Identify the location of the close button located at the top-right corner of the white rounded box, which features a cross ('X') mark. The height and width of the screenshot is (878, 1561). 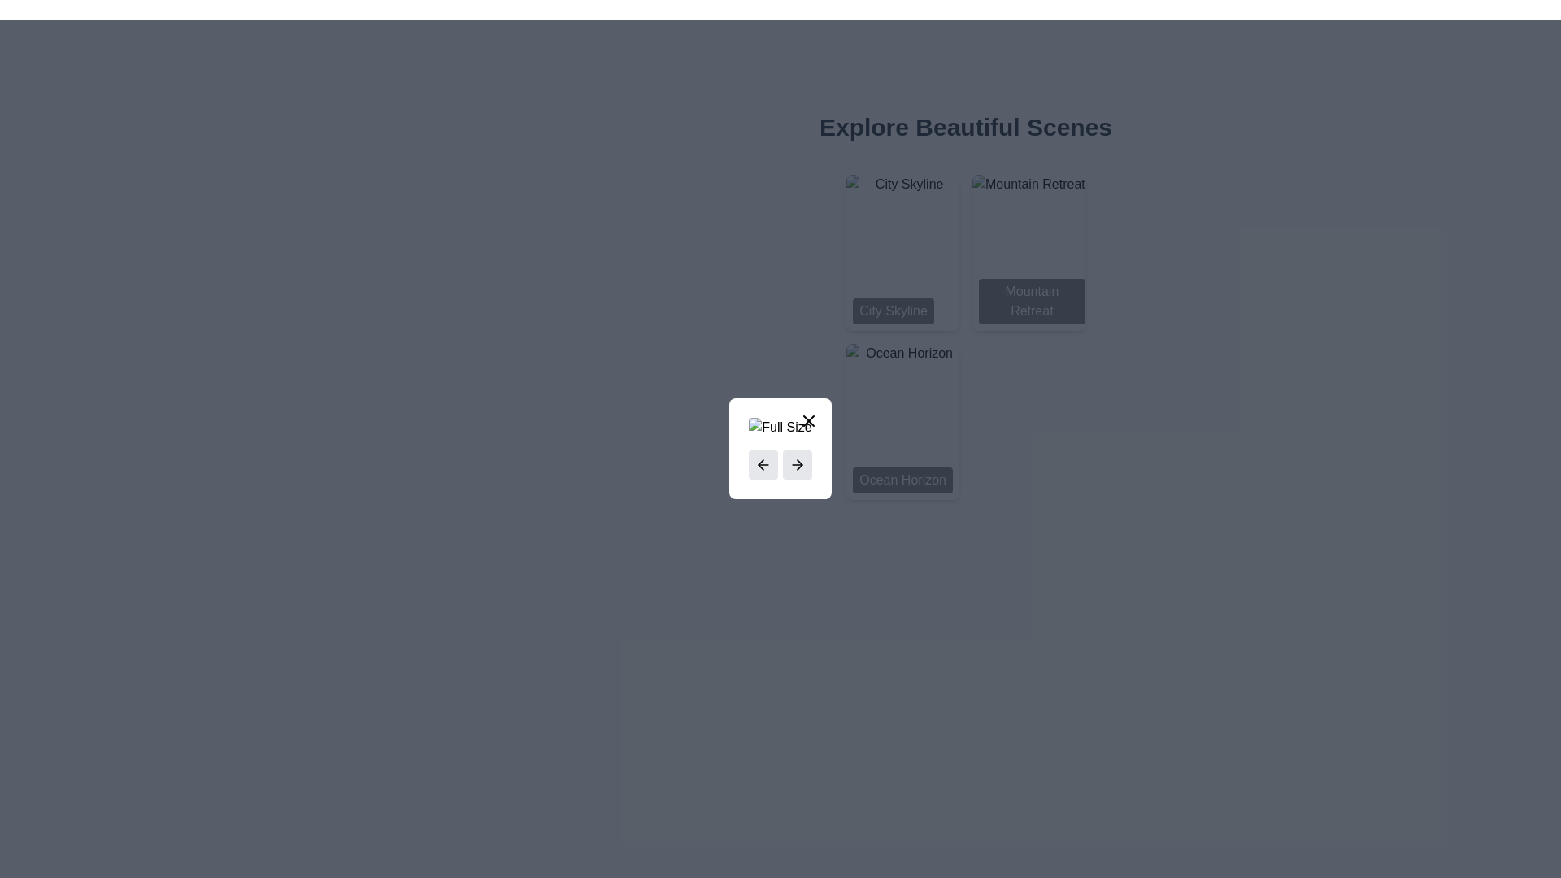
(808, 419).